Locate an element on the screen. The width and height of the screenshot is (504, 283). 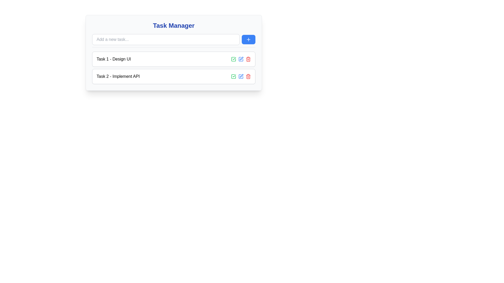
the blue button containing the SVG plus sign icon located at the top right corner of the task manager interface is located at coordinates (248, 39).